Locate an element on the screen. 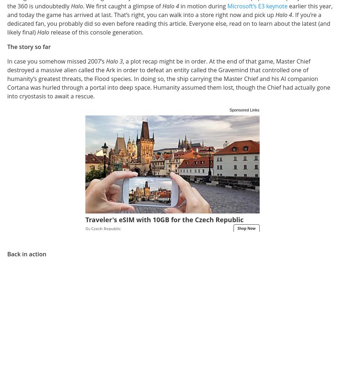  'Microsoft’s E3 keynote' is located at coordinates (257, 5).